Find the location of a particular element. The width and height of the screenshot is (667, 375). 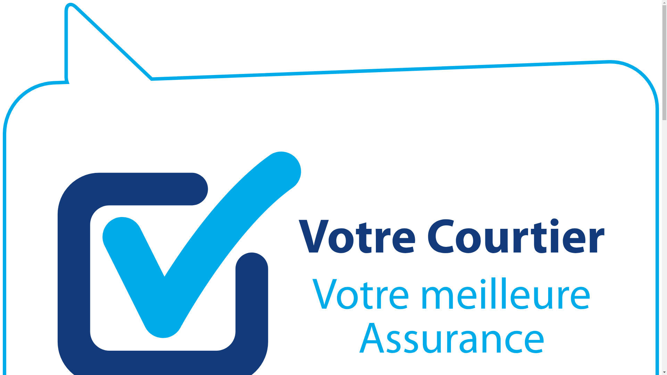

'Aller au contenu principal' is located at coordinates (3, 3).